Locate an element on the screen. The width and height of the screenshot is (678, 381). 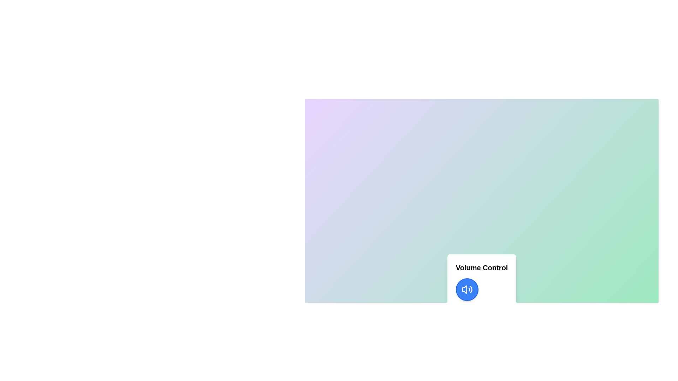
the SoundToggleButton to toggle its state and observe the visual feedback is located at coordinates (466, 290).